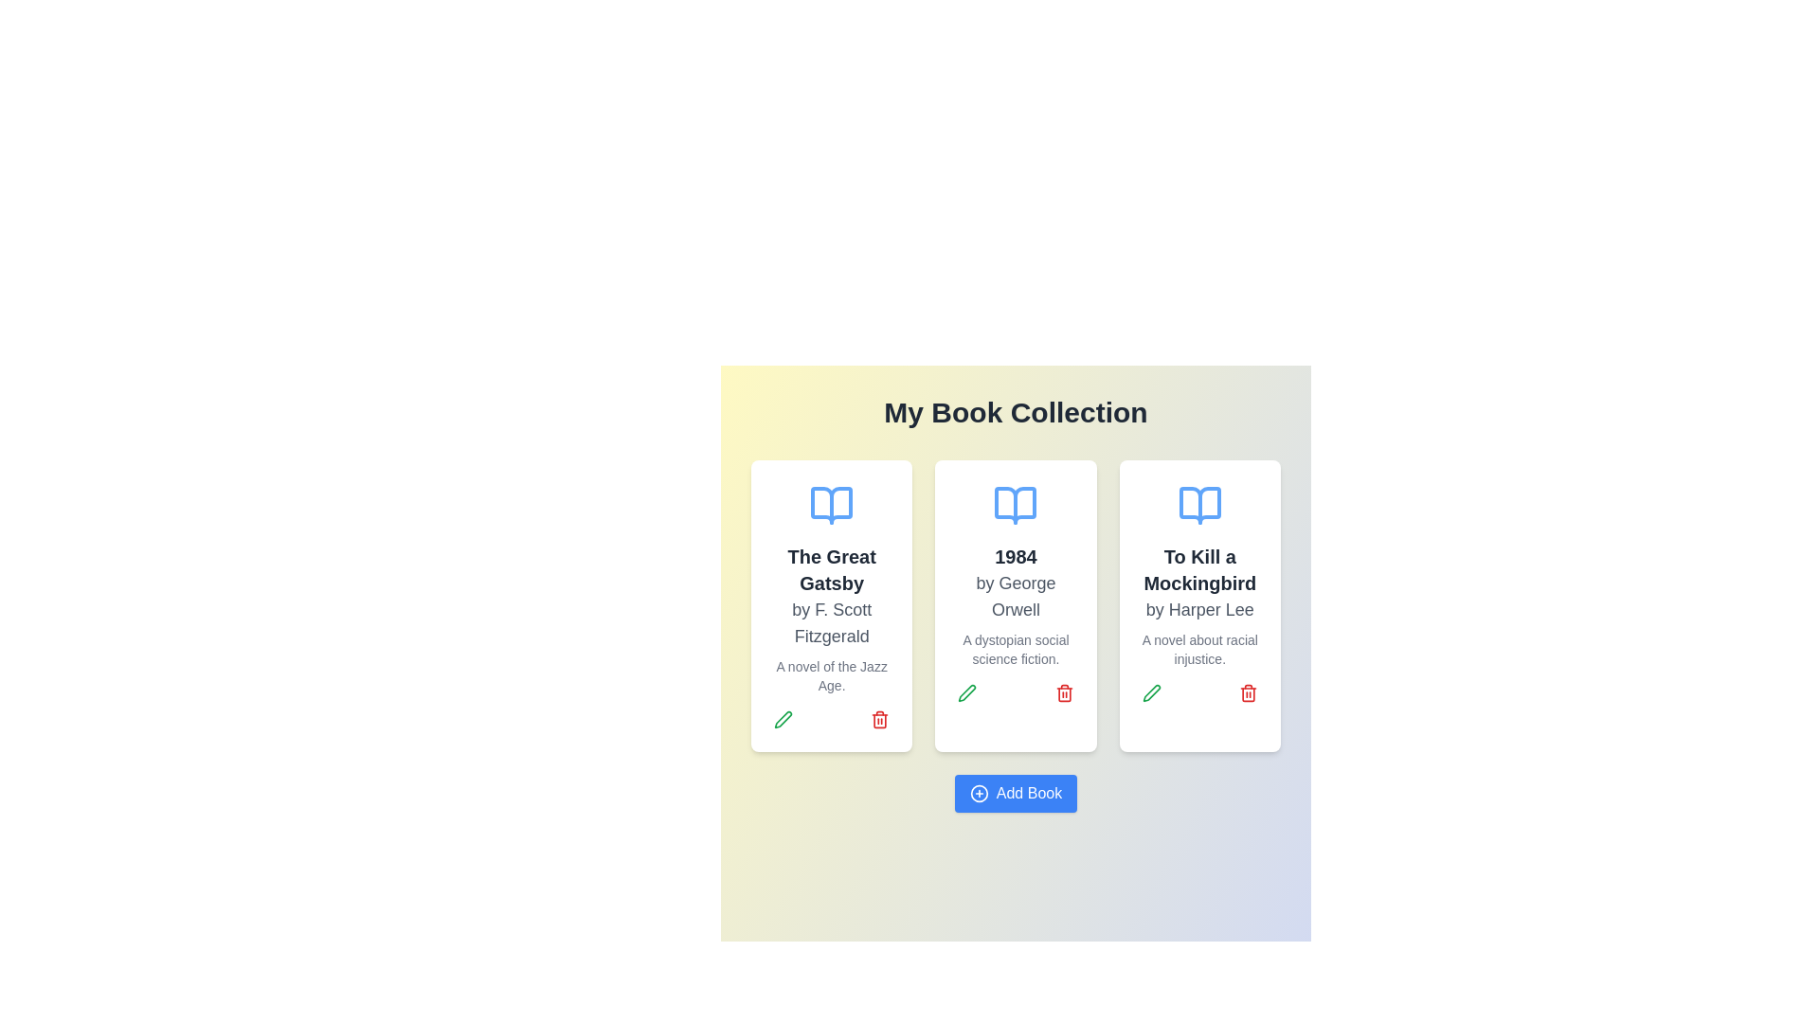  Describe the element at coordinates (832, 674) in the screenshot. I see `the textual label that summarizes the theme or setting of the book 'The Great Gatsby', located under 'by F. Scott Fitzgerald' in the leftmost card of a card group` at that location.